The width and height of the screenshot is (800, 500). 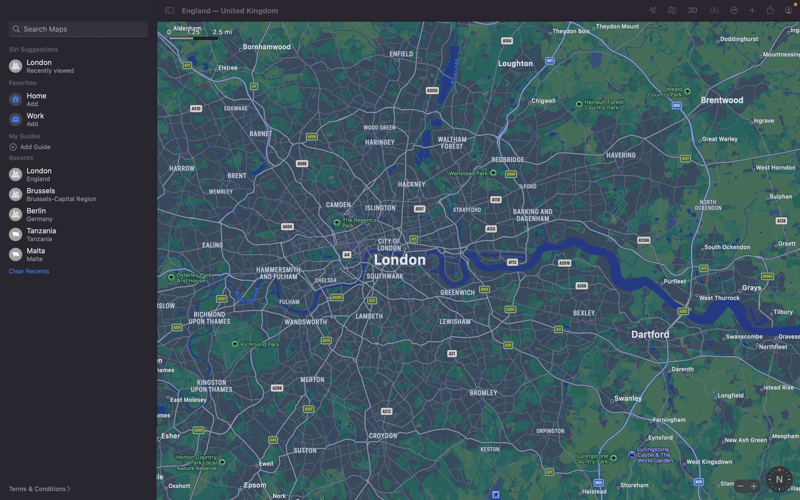 I want to click on the existent location on the map, so click(x=714, y=11).